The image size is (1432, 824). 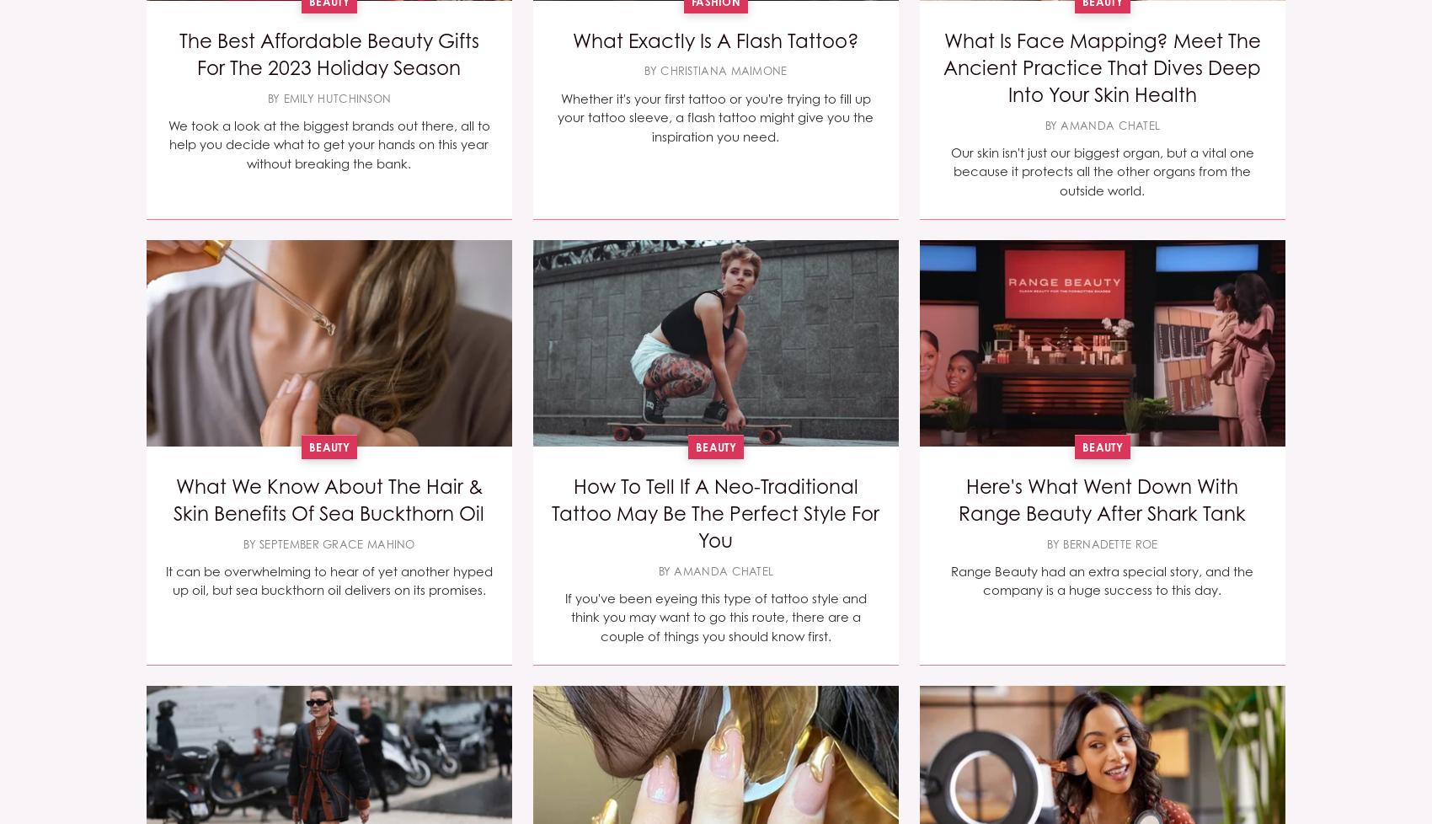 I want to click on 'Here's What Went Down With Range Beauty After Shark Tank', so click(x=958, y=499).